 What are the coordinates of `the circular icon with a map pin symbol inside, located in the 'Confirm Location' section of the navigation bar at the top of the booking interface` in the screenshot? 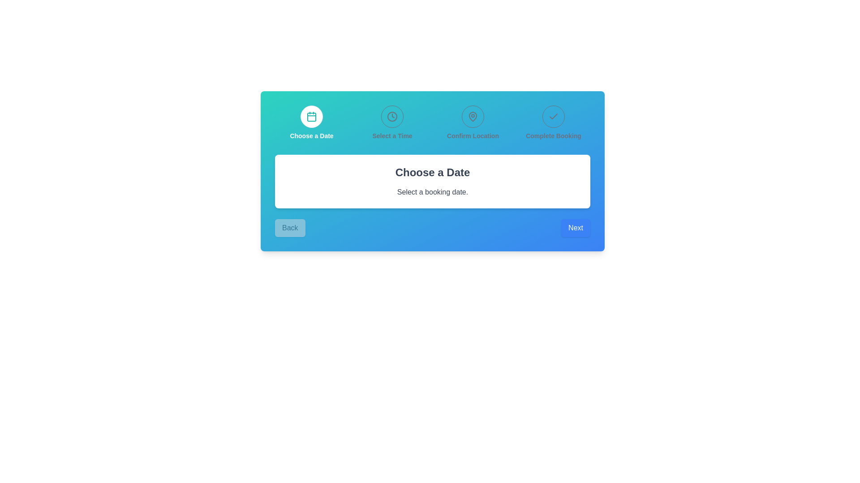 It's located at (473, 116).